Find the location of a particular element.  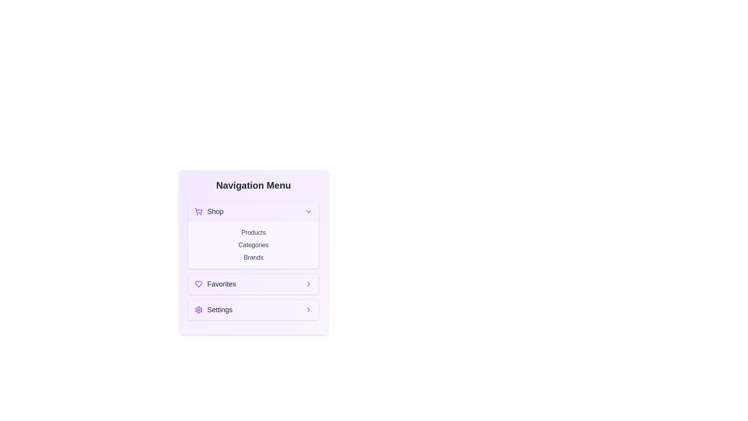

the settings icon located in the bottom-most row of the navigation menu is located at coordinates (198, 309).